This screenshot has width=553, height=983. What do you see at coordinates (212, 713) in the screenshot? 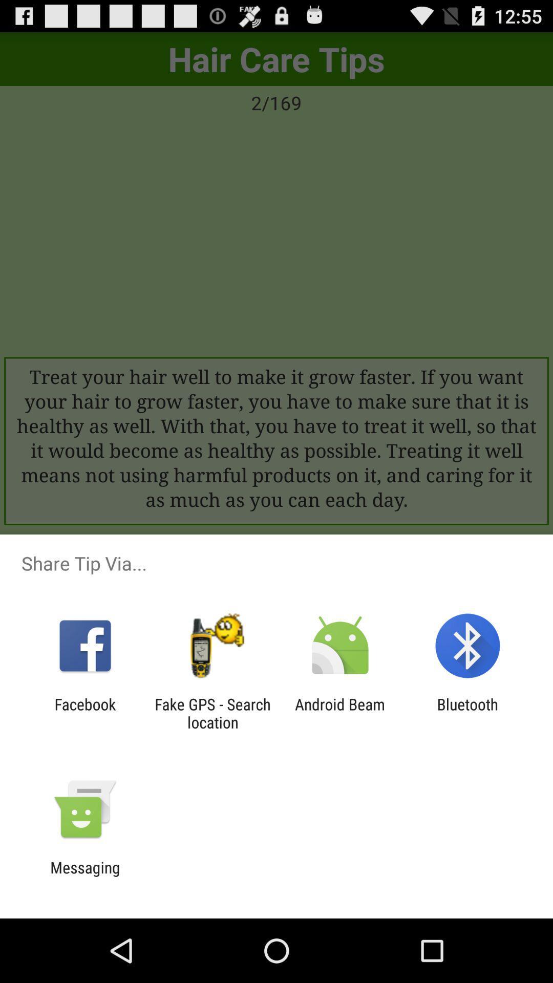
I see `app next to the android beam icon` at bounding box center [212, 713].